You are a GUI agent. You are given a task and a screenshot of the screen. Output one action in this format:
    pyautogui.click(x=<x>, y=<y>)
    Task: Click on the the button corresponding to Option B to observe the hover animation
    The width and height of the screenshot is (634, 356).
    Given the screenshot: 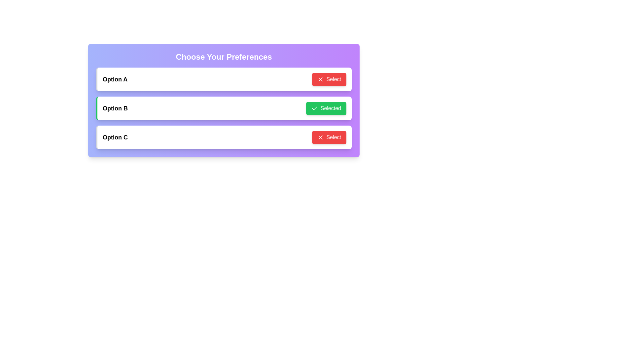 What is the action you would take?
    pyautogui.click(x=326, y=108)
    